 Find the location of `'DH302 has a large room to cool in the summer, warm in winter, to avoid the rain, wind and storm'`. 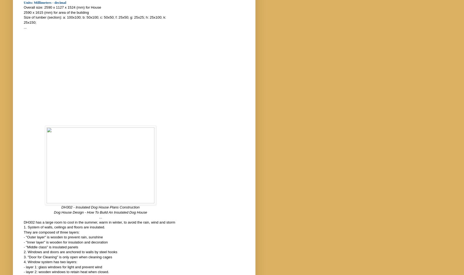

'DH302 has a large room to cool in the summer, warm in winter, to avoid the rain, wind and storm' is located at coordinates (23, 222).